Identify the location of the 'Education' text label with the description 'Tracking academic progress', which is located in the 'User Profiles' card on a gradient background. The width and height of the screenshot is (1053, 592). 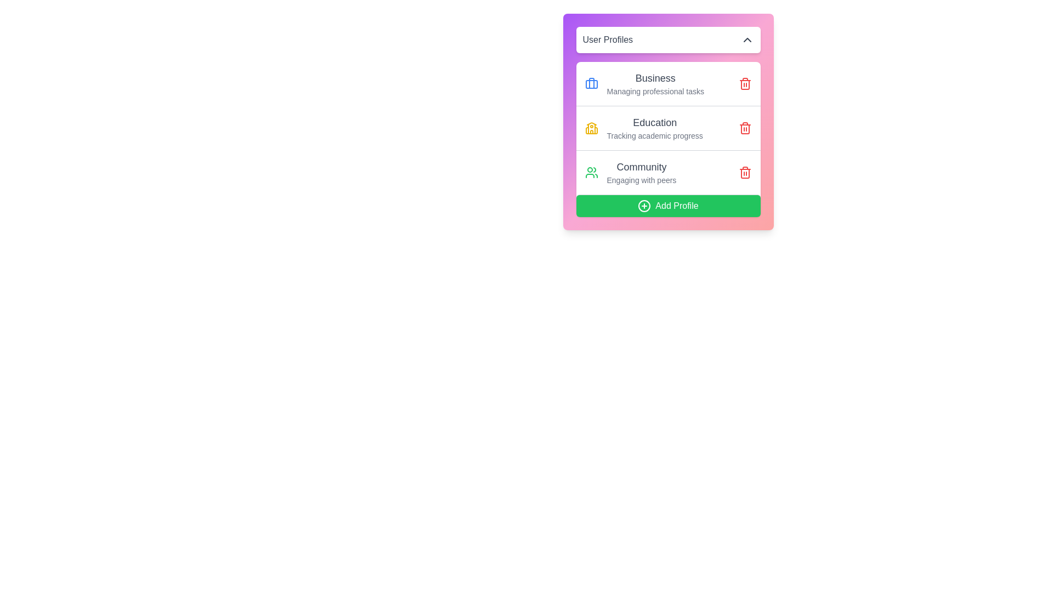
(655, 128).